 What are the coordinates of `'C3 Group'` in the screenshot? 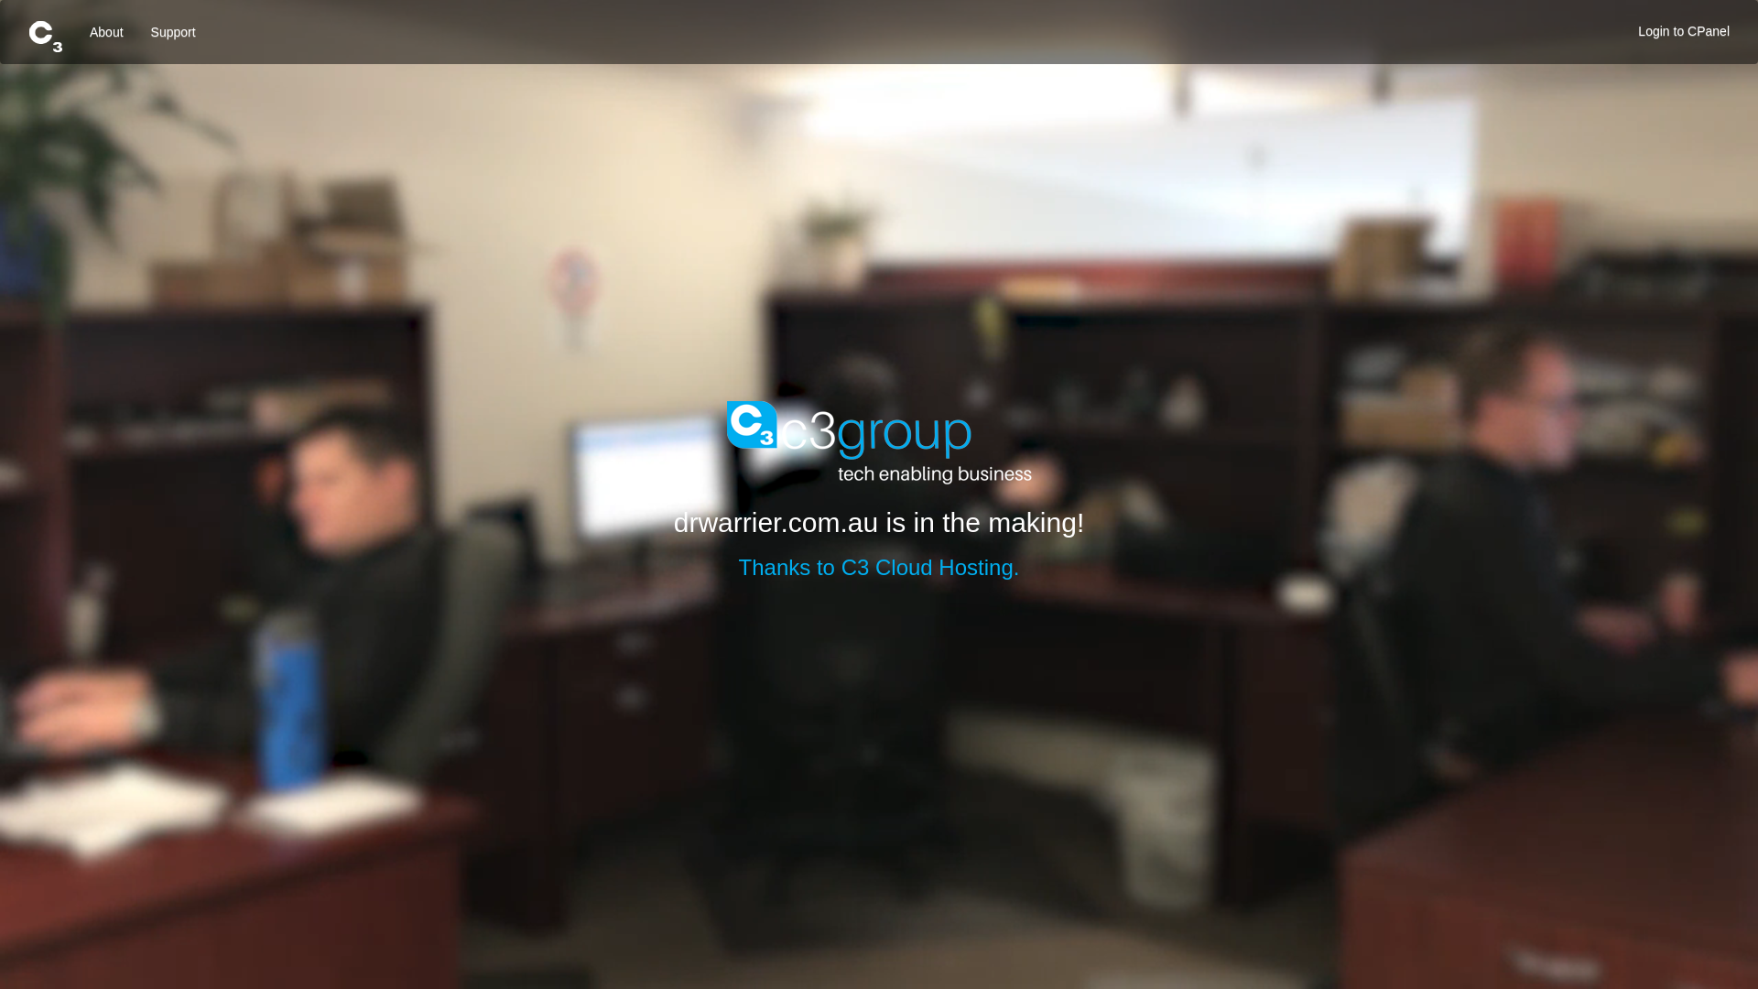 It's located at (725, 442).